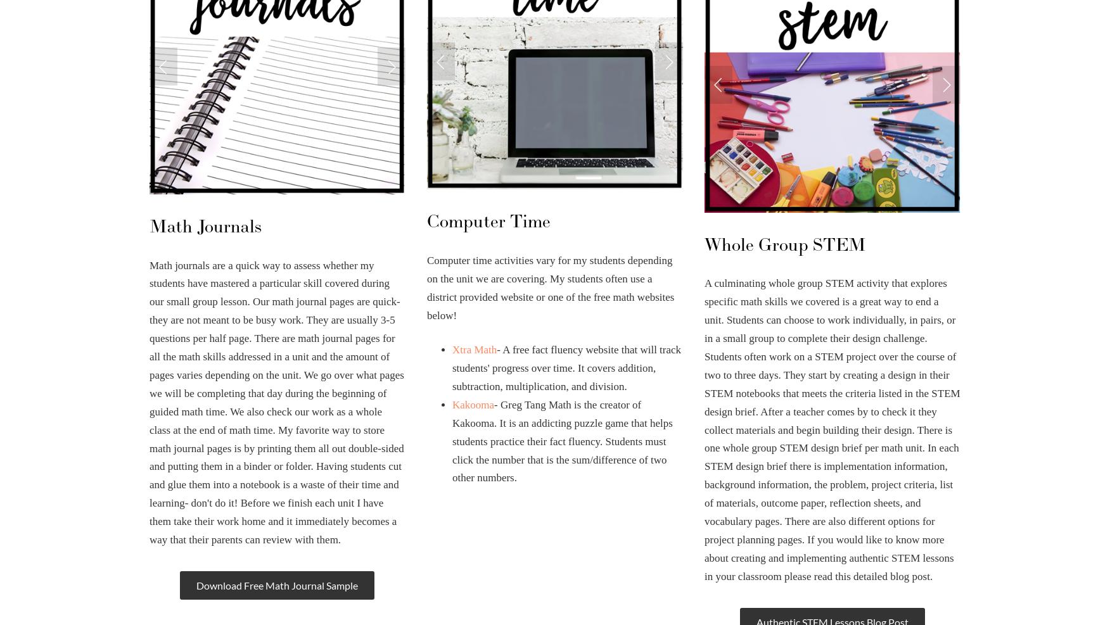 The width and height of the screenshot is (1110, 625). I want to click on 'Computer Time', so click(488, 221).